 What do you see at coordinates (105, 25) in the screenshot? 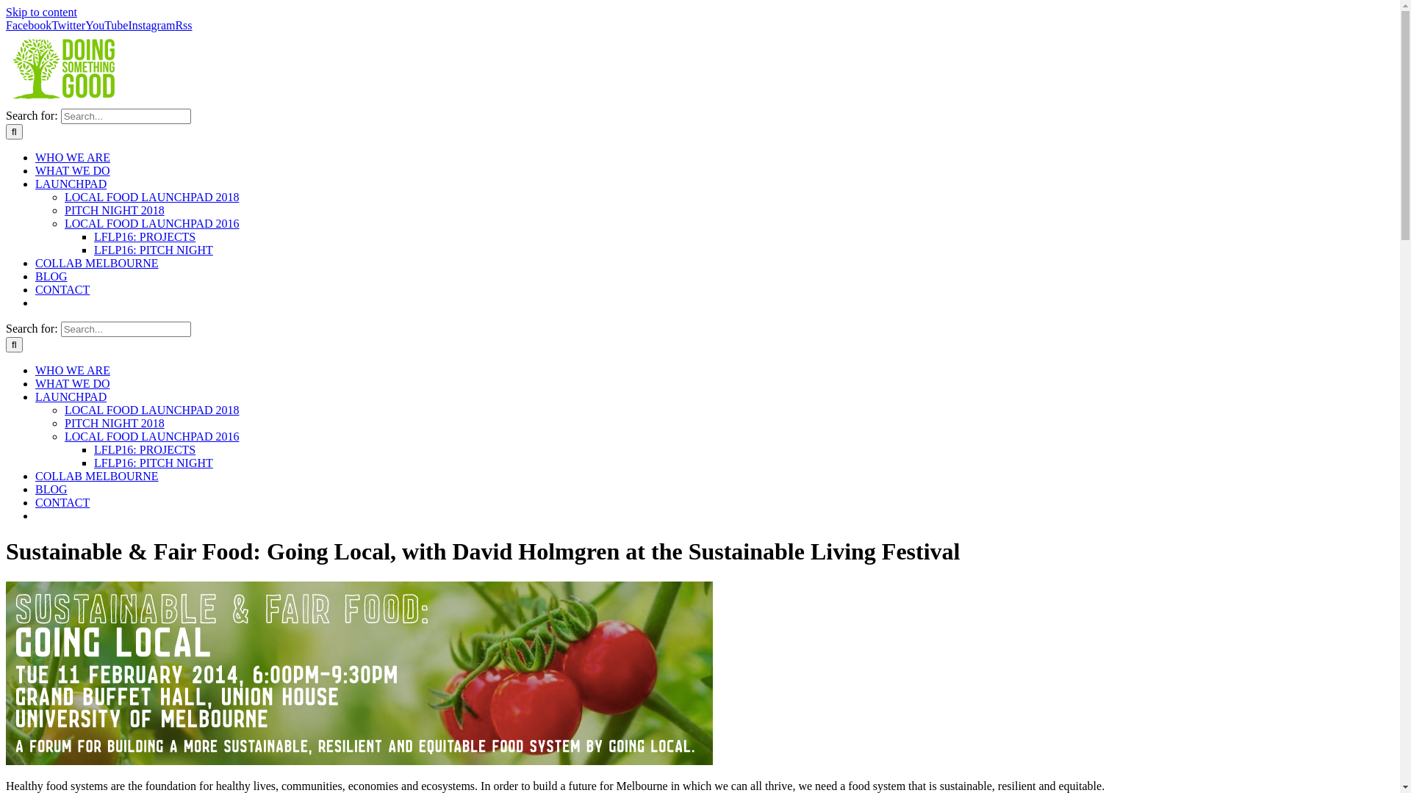
I see `'YouTube'` at bounding box center [105, 25].